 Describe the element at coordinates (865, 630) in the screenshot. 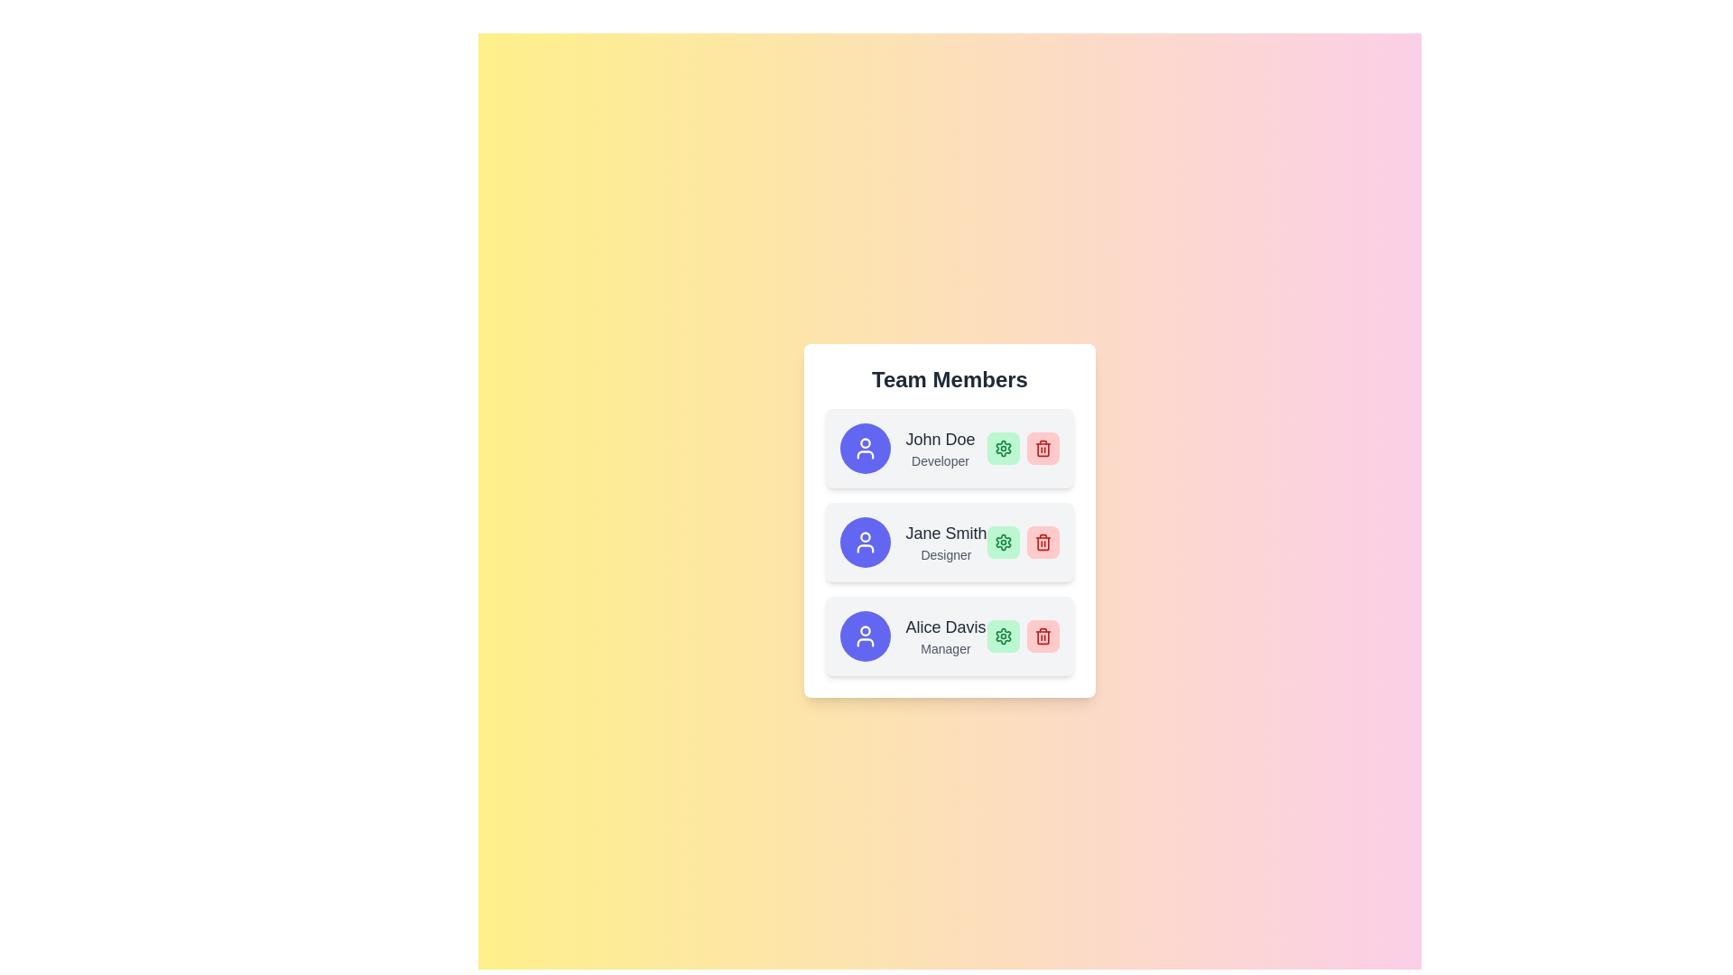

I see `the circular graphic element representing the user's head in the profile icon of 'Alice Davis' in the 'Team Members' panel` at that location.